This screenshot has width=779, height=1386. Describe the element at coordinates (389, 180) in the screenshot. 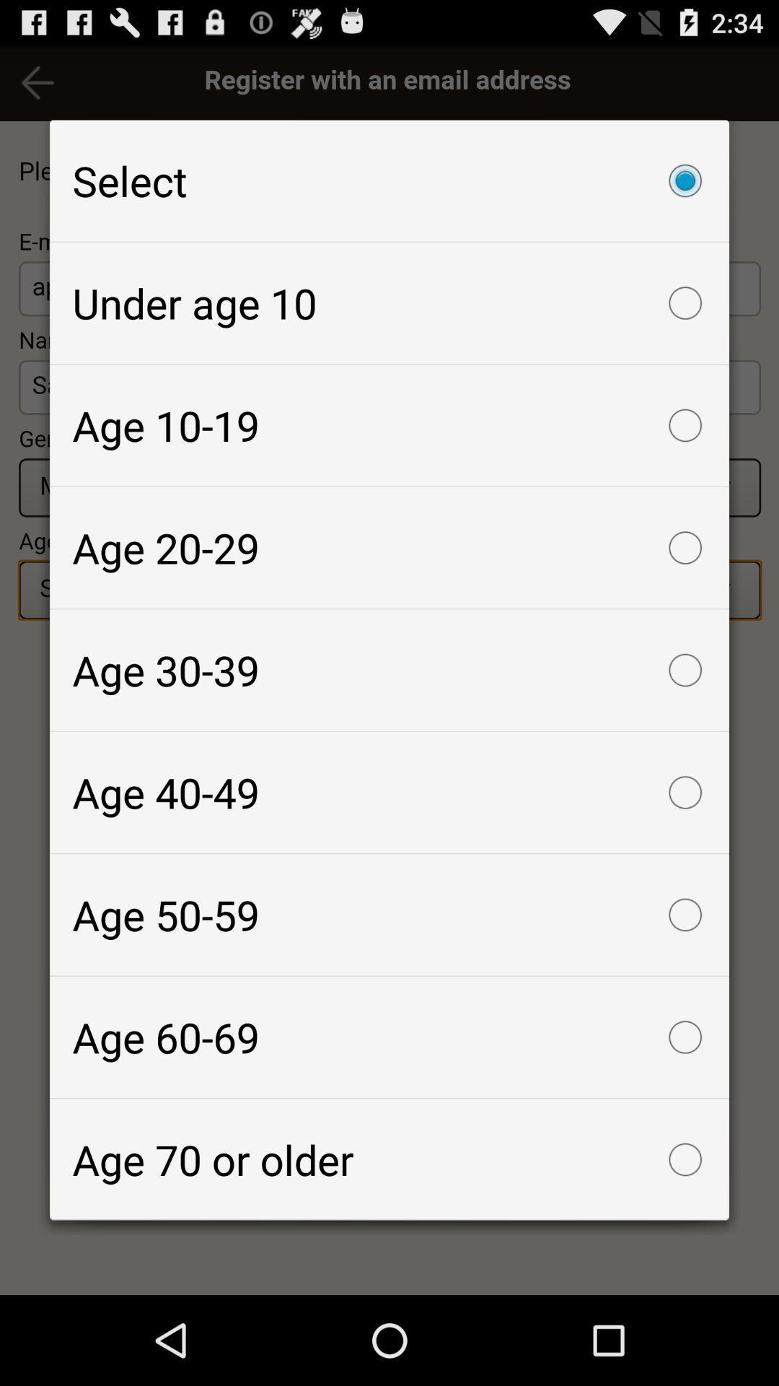

I see `select item` at that location.